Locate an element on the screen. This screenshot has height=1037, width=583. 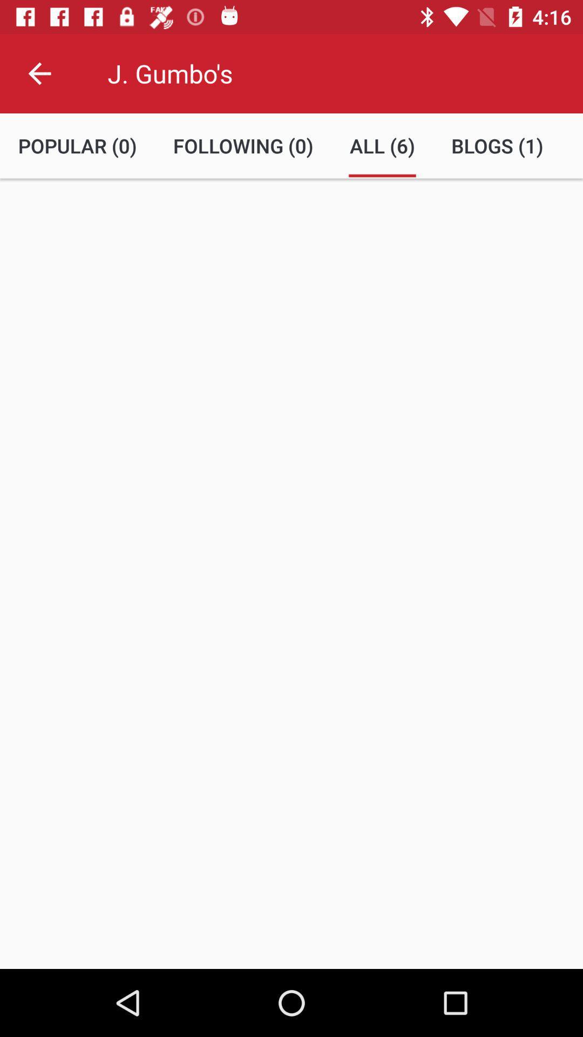
icon next to following (0) icon is located at coordinates (382, 145).